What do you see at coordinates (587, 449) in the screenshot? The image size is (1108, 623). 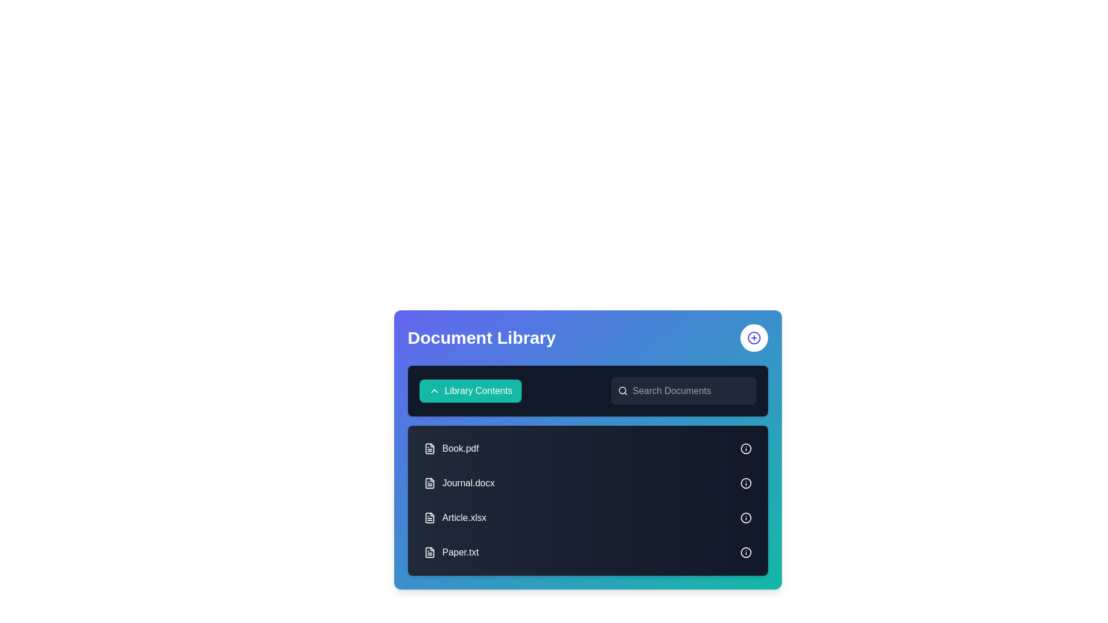 I see `the search bar in the 'Document Library' component, which has a gradient background and contains various document entries` at bounding box center [587, 449].